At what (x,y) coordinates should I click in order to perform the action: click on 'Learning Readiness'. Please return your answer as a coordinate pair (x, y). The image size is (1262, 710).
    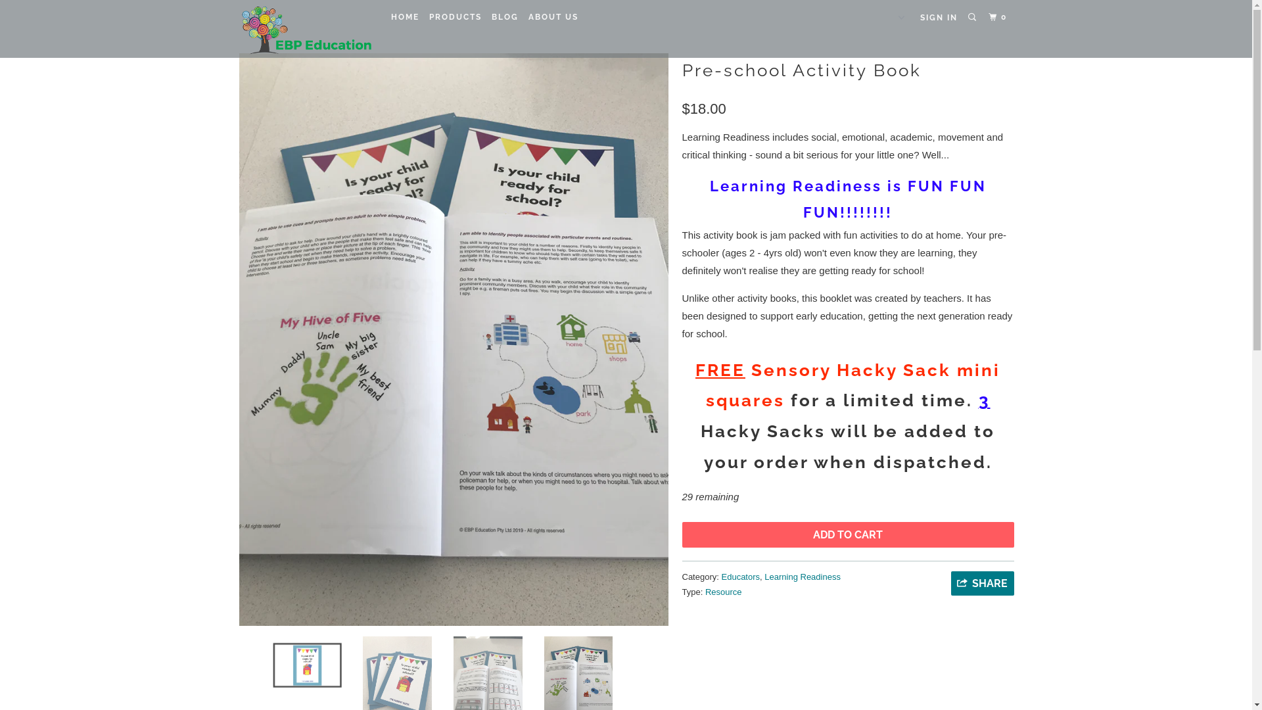
    Looking at the image, I should click on (764, 576).